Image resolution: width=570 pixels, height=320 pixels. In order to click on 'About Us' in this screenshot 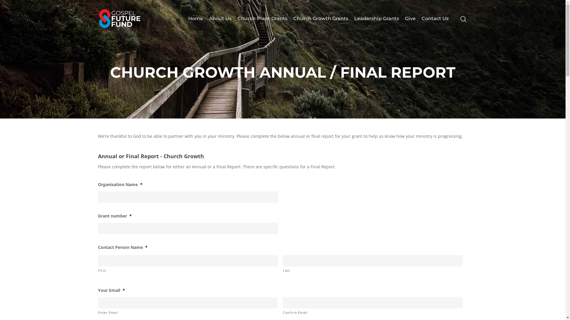, I will do `click(220, 18)`.